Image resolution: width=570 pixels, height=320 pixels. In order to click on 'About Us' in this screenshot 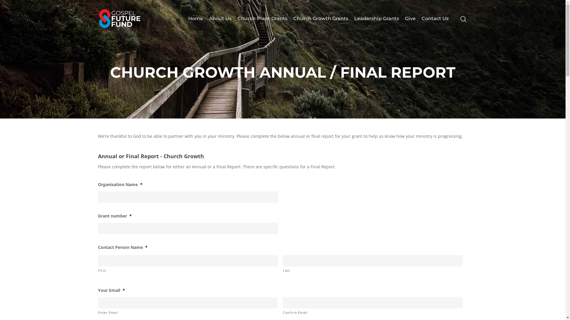, I will do `click(220, 18)`.